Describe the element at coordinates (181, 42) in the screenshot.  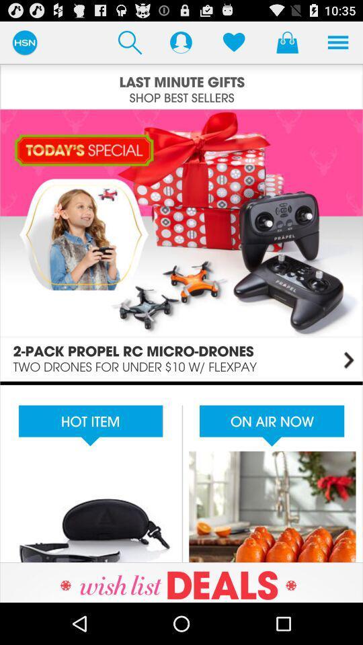
I see `login to your account` at that location.